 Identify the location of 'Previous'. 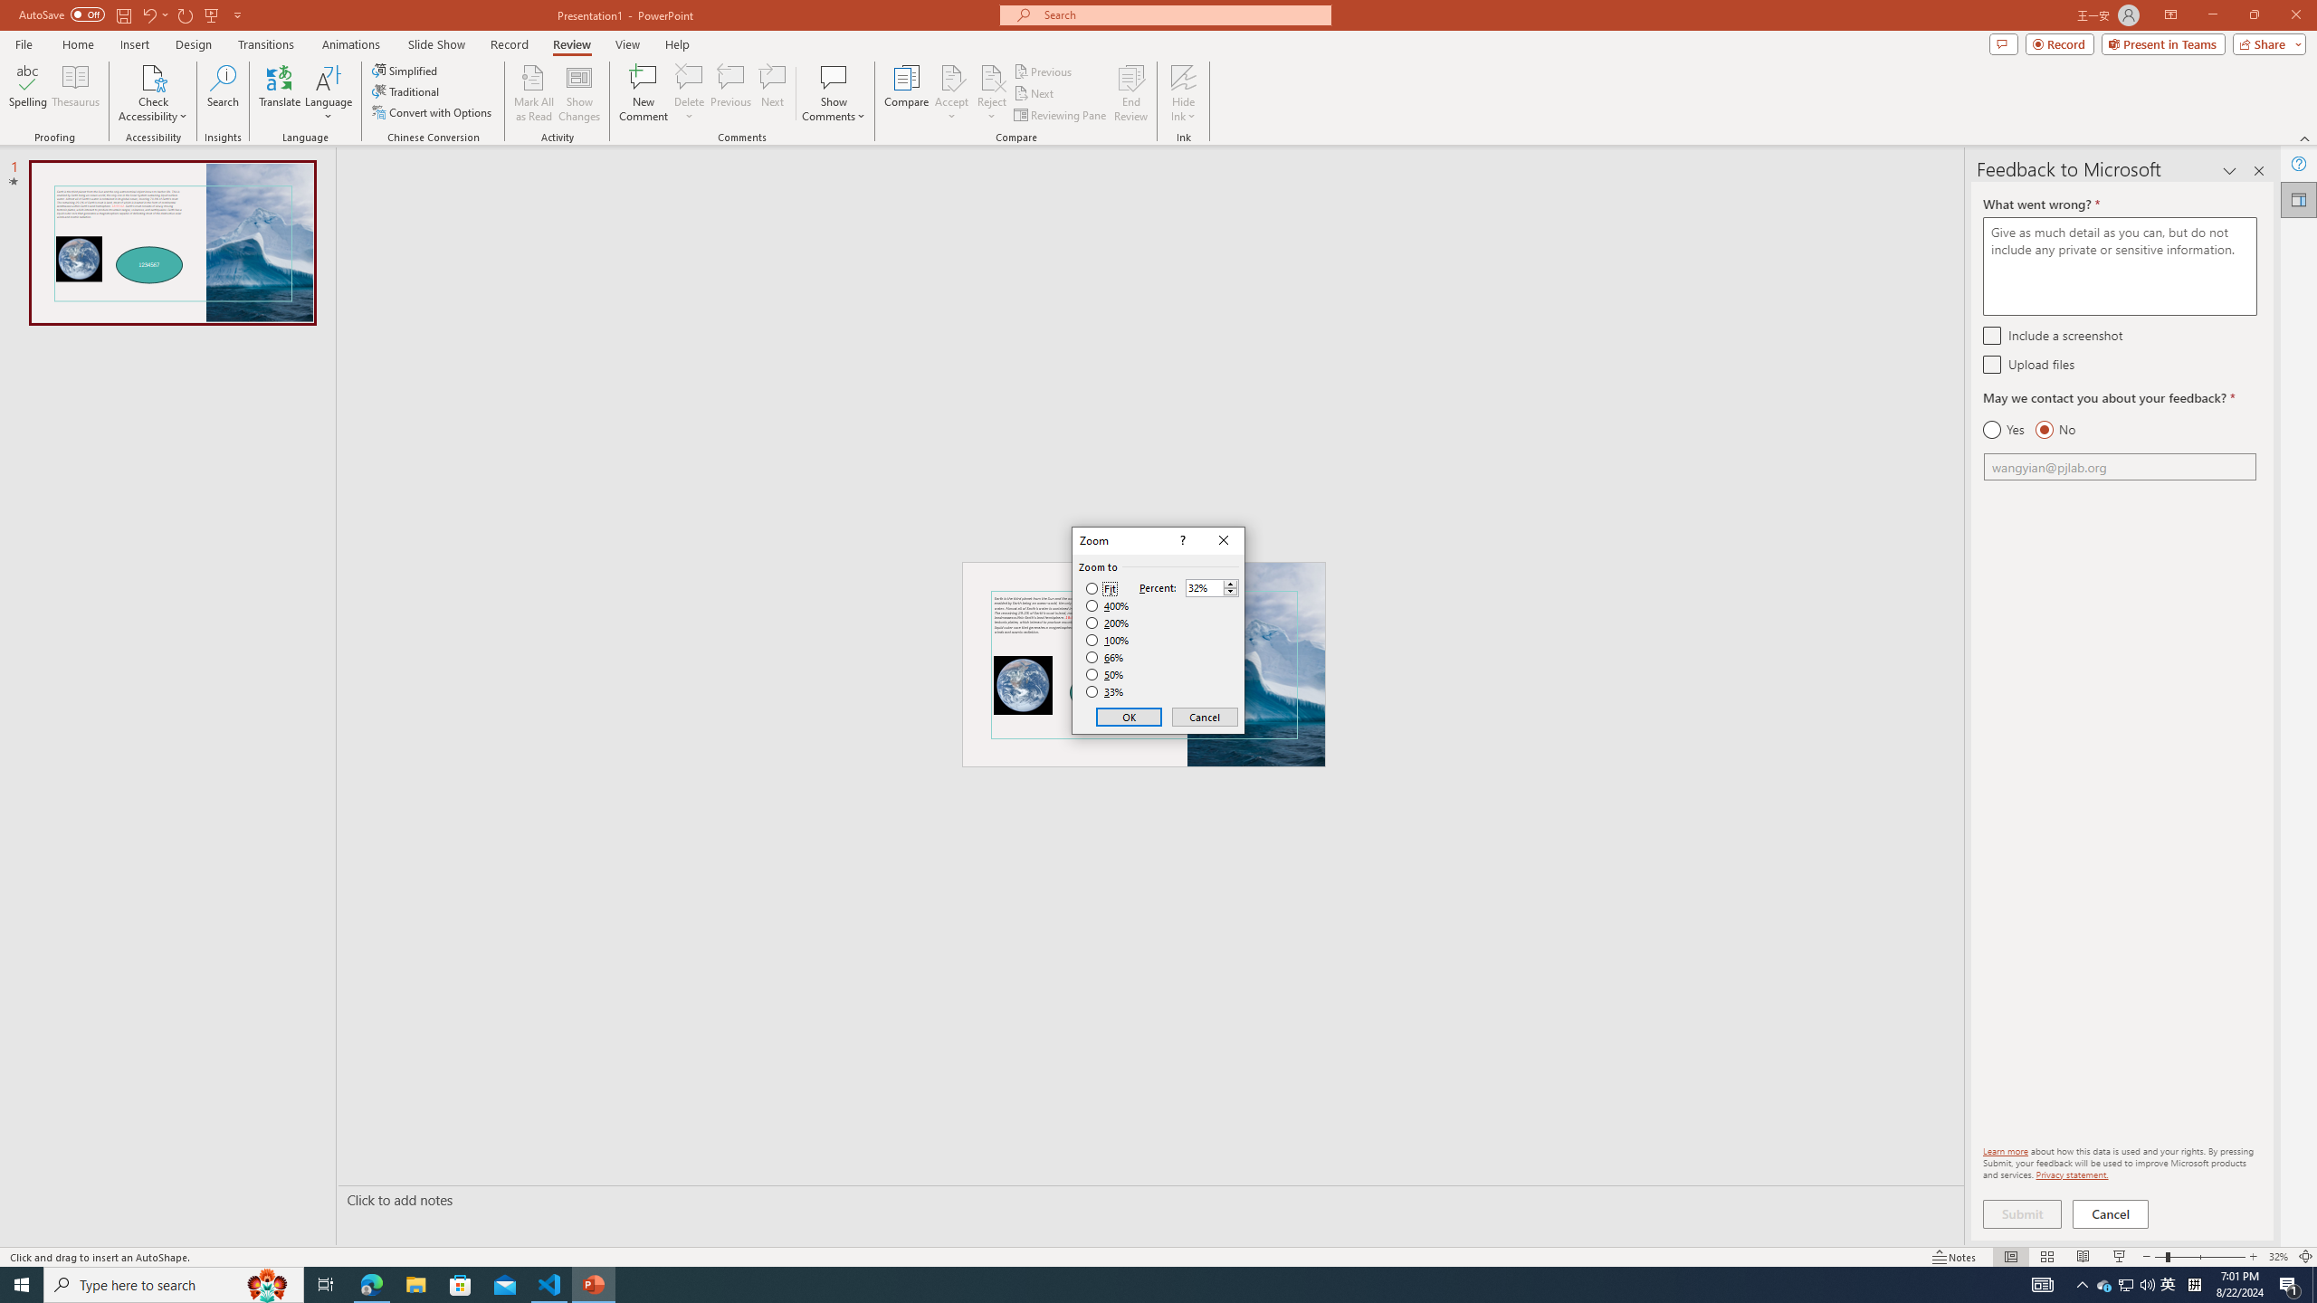
(1044, 71).